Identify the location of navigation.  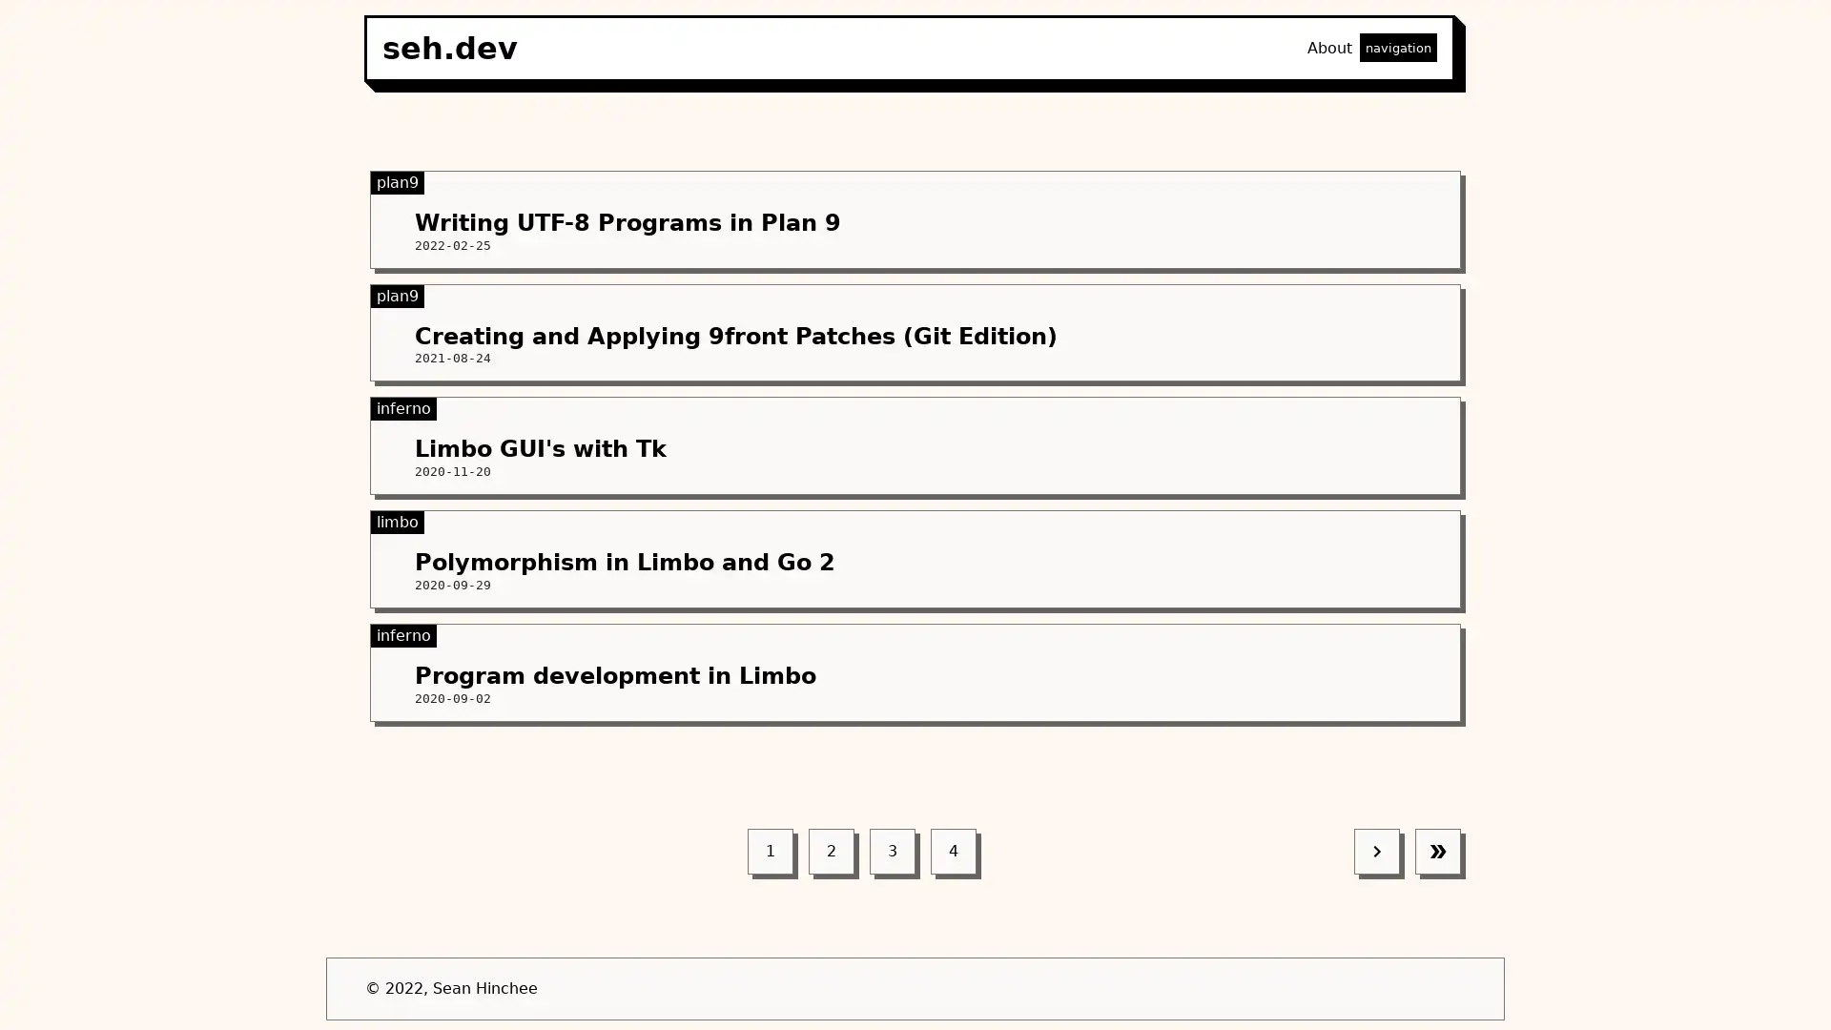
(1398, 47).